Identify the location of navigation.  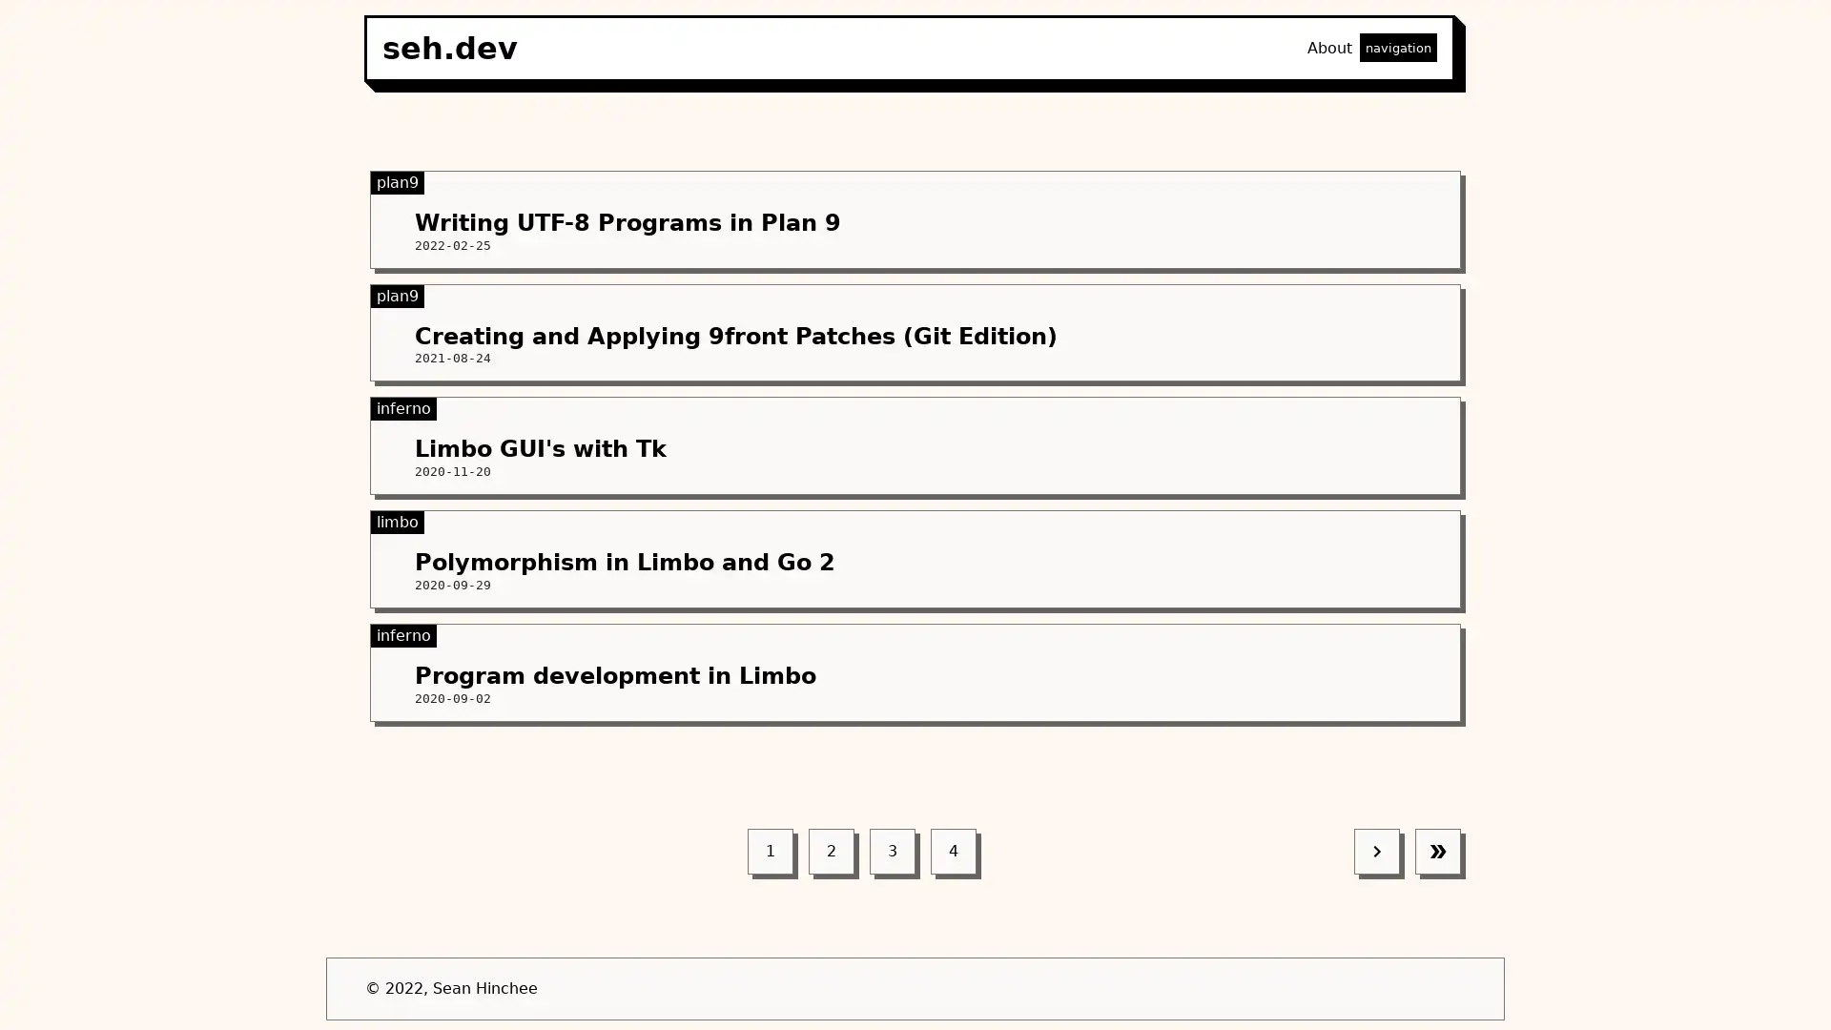
(1398, 47).